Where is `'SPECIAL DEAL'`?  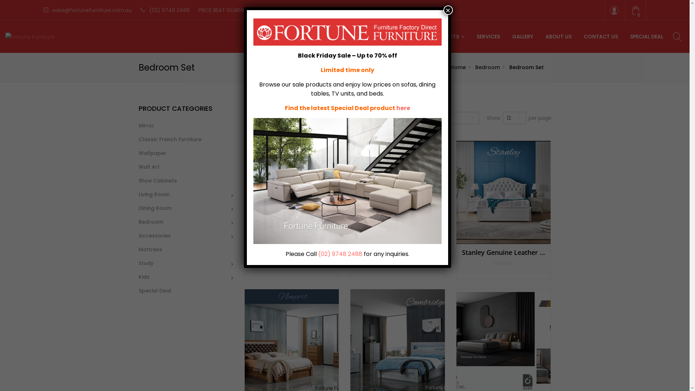 'SPECIAL DEAL' is located at coordinates (646, 36).